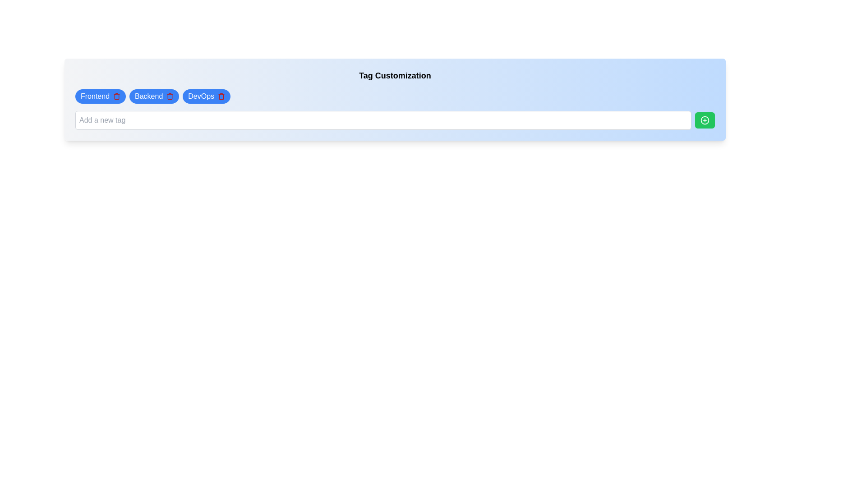 This screenshot has height=487, width=866. Describe the element at coordinates (705, 119) in the screenshot. I see `the circular green icon button with a white plus sign located at the right end of the text input field for adding a tag` at that location.